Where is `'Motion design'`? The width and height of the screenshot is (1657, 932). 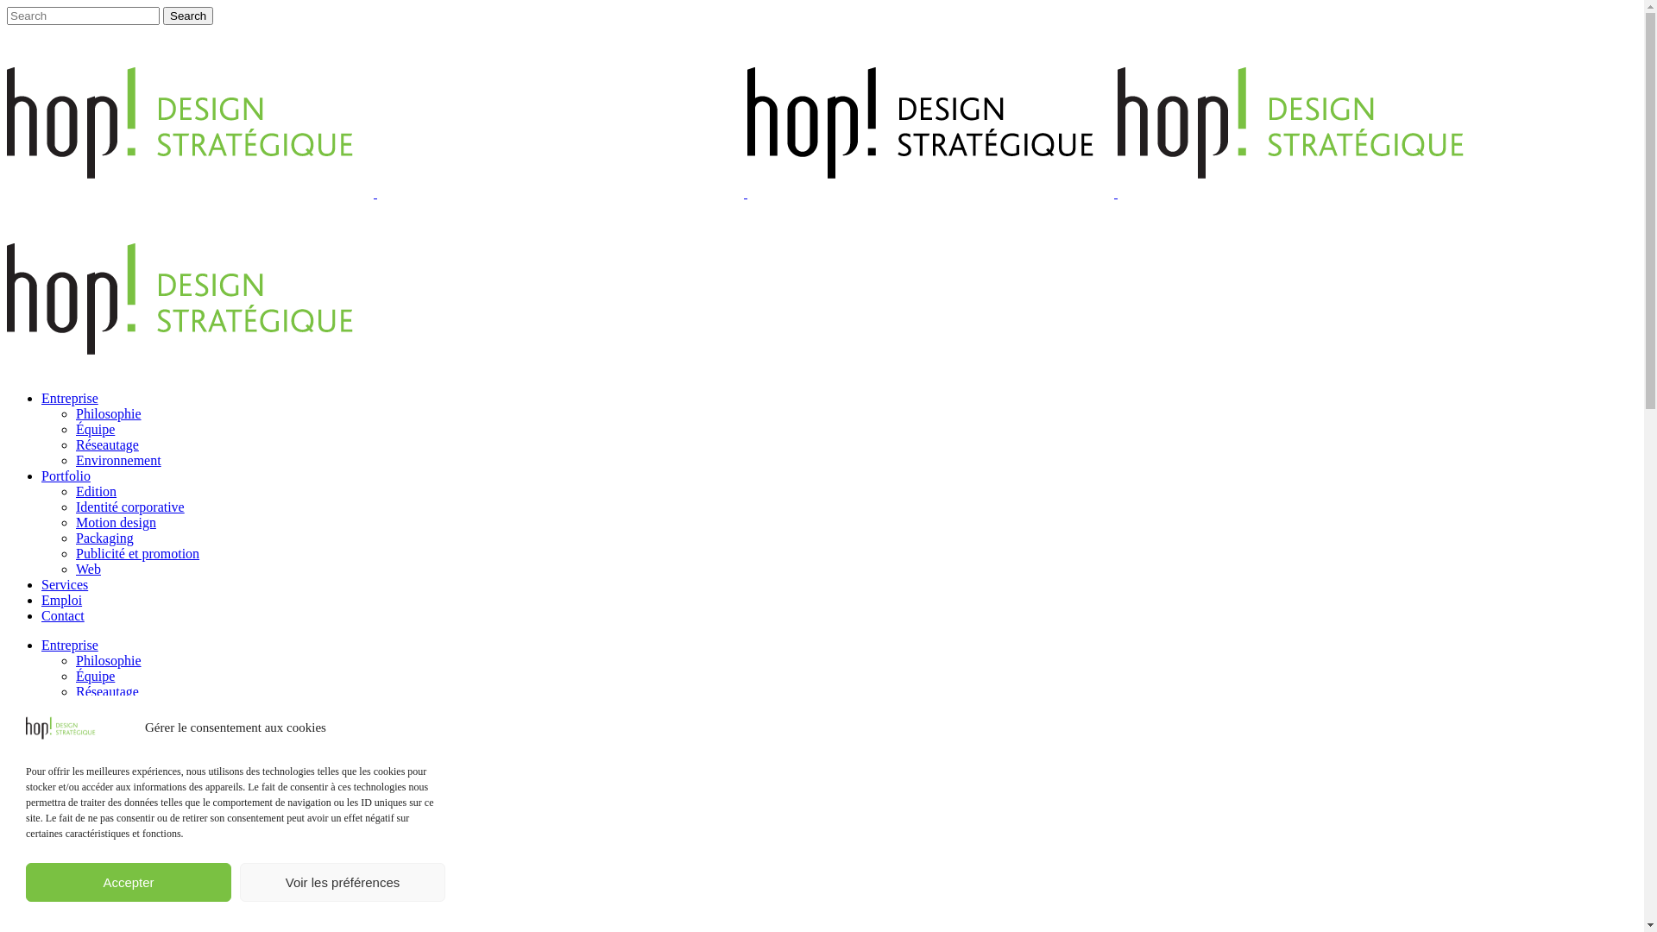 'Motion design' is located at coordinates (115, 521).